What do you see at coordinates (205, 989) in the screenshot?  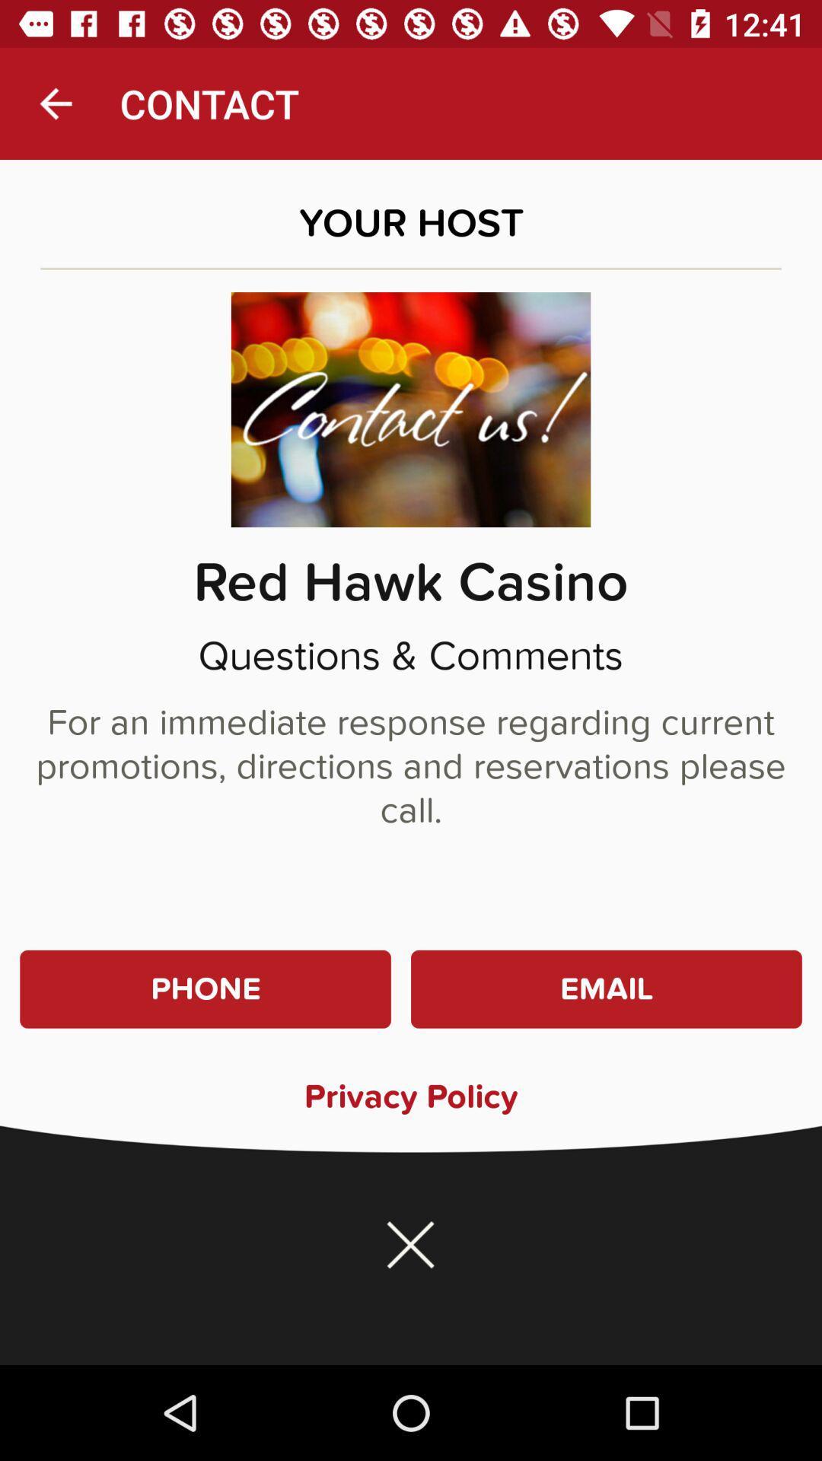 I see `item at the bottom left corner` at bounding box center [205, 989].